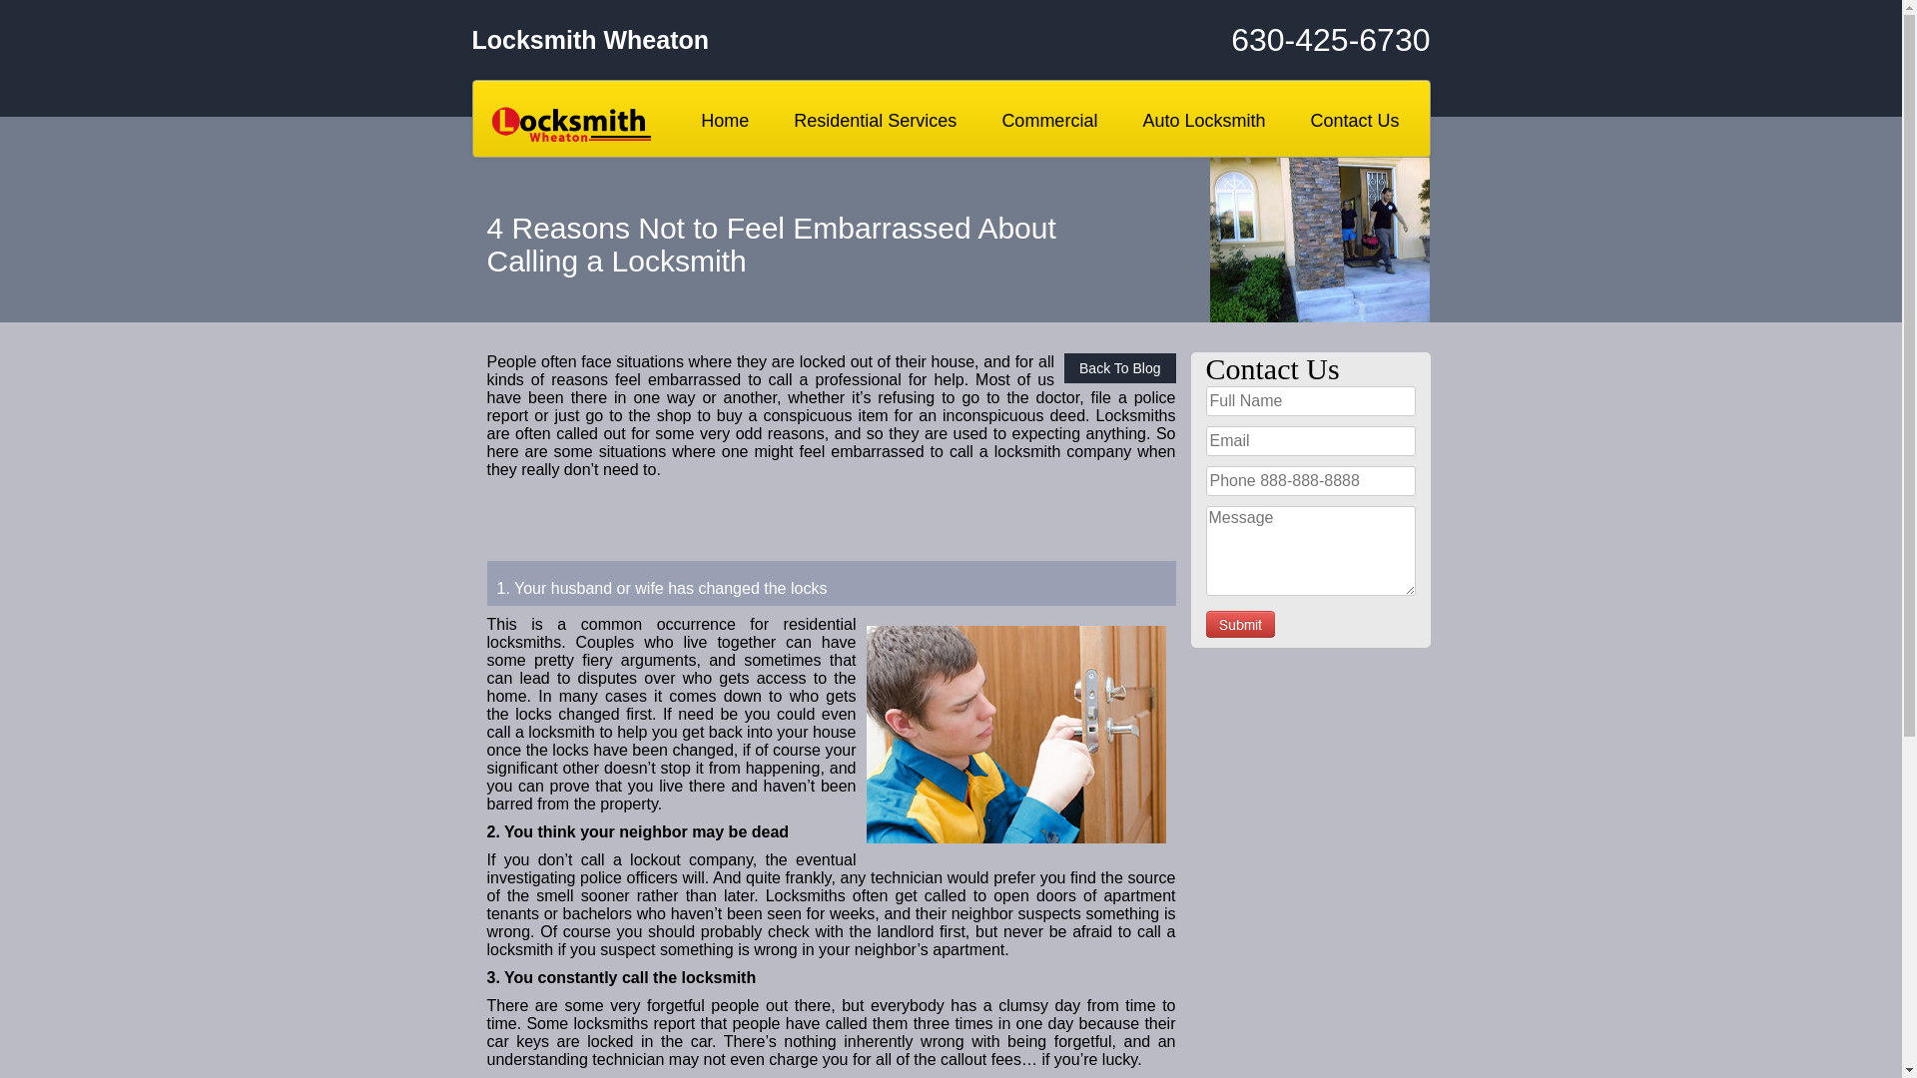 The height and width of the screenshot is (1078, 1917). I want to click on '630-425-6730', so click(1269, 39).